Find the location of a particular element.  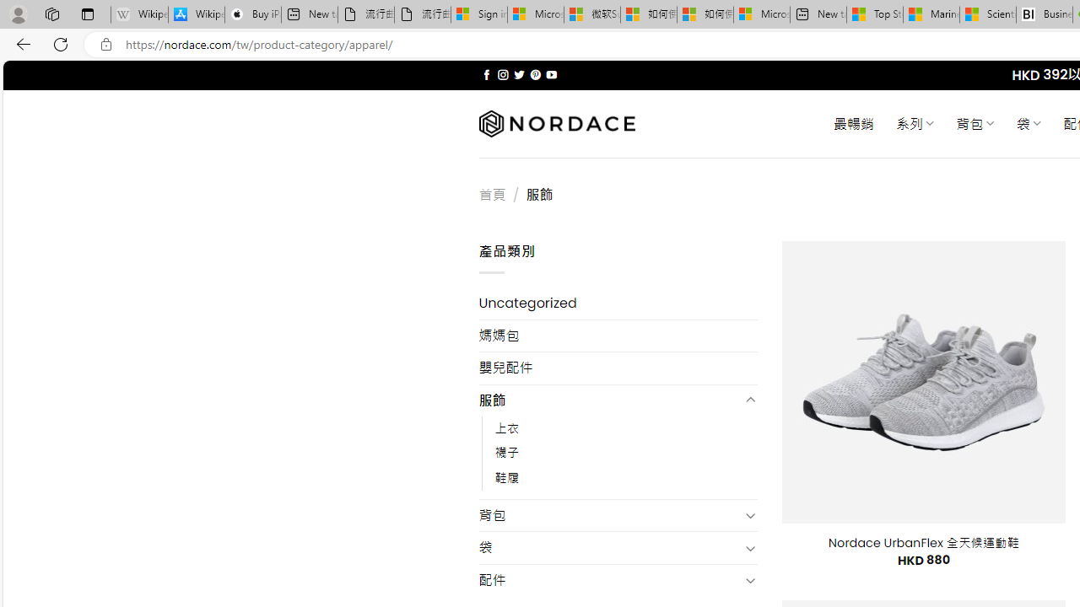

'Follow on Twitter' is located at coordinates (518, 74).